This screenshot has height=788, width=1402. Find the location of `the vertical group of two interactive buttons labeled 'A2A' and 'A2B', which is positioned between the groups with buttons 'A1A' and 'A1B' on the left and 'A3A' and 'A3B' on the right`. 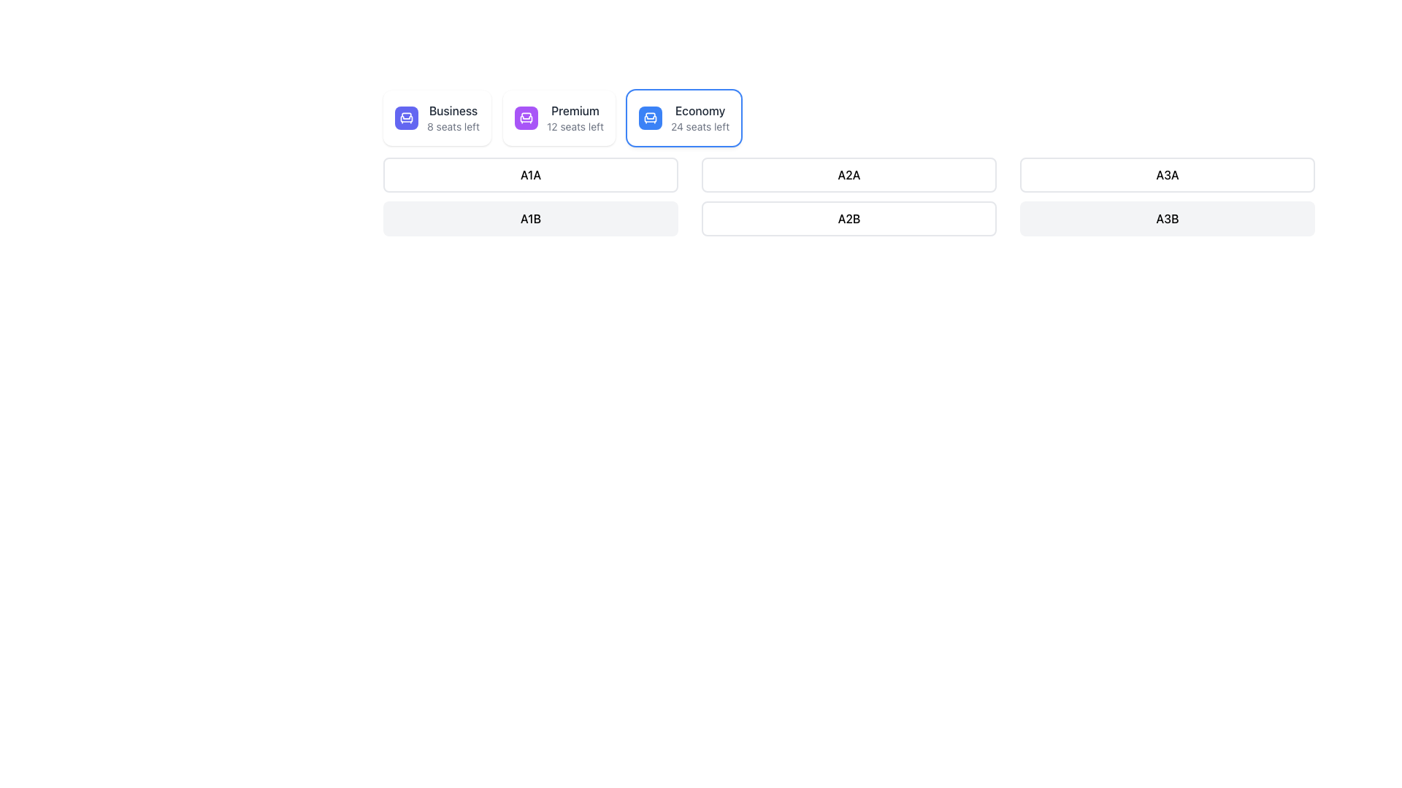

the vertical group of two interactive buttons labeled 'A2A' and 'A2B', which is positioned between the groups with buttons 'A1A' and 'A1B' on the left and 'A3A' and 'A3B' on the right is located at coordinates (849, 199).